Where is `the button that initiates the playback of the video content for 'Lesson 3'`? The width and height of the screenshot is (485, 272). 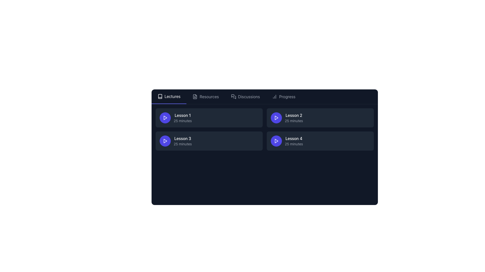 the button that initiates the playback of the video content for 'Lesson 3' is located at coordinates (165, 141).